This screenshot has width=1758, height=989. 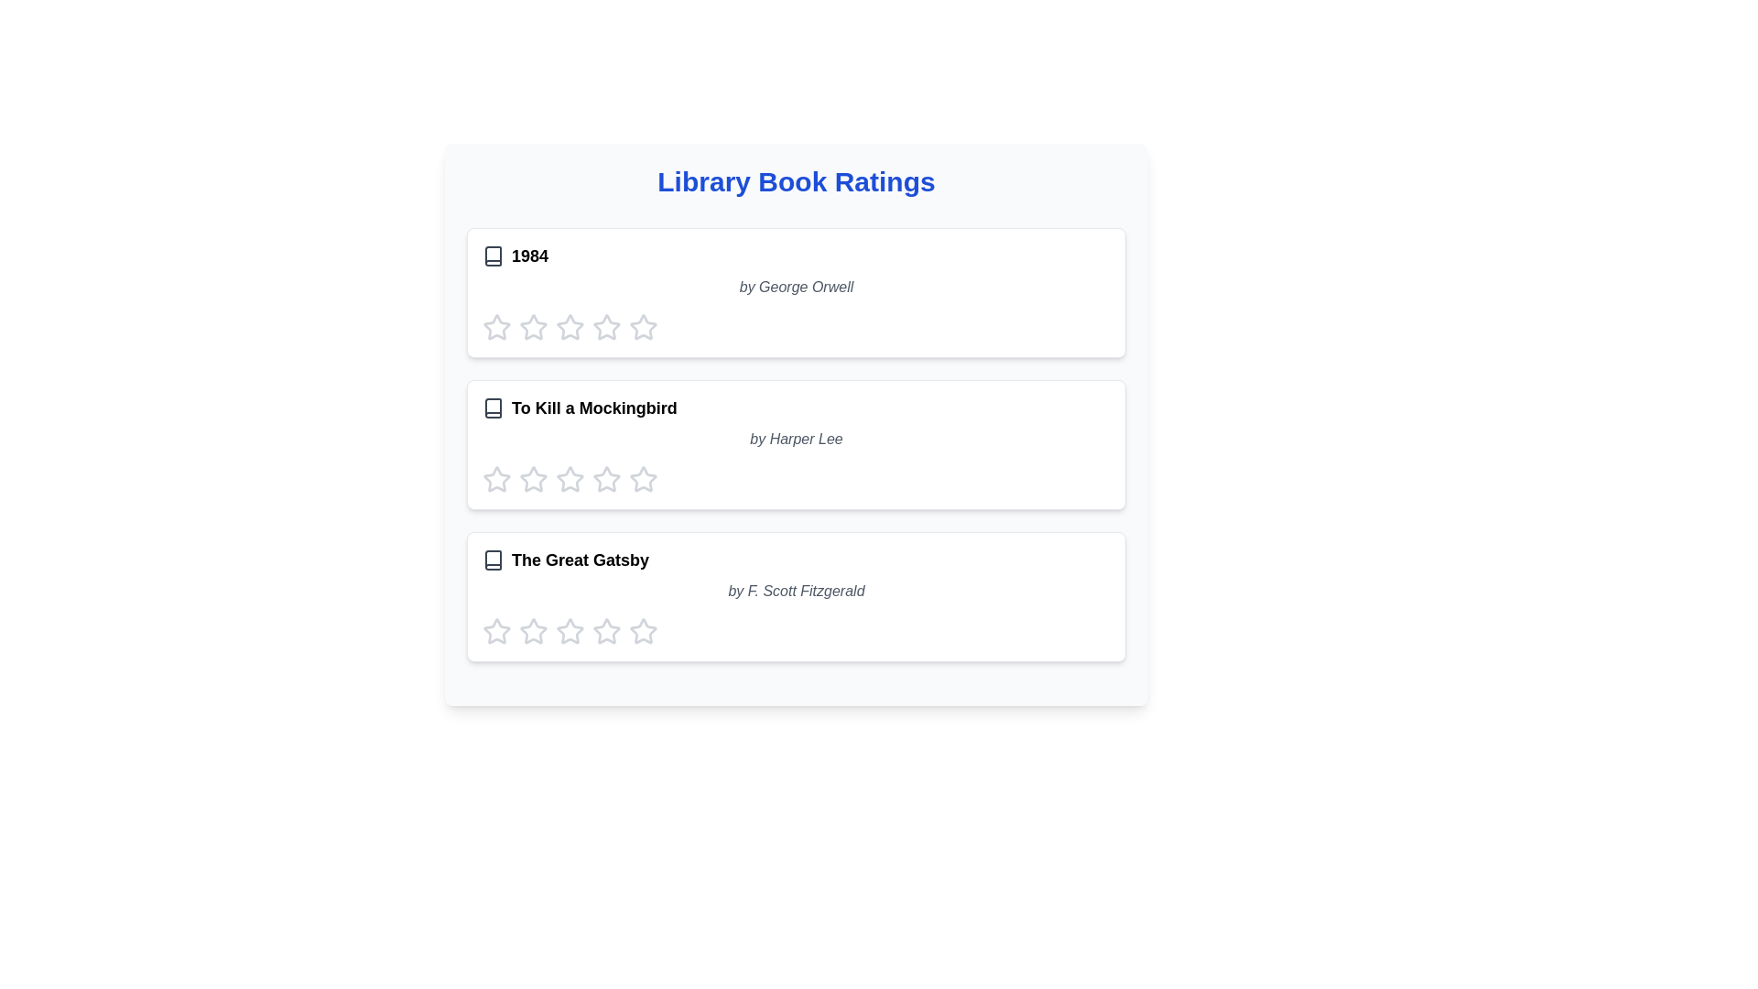 I want to click on the third star-shaped icon with a gray border and hollow interior, representing a rating for the book 'To Kill a Mockingbird' by Harper Lee, so click(x=532, y=479).